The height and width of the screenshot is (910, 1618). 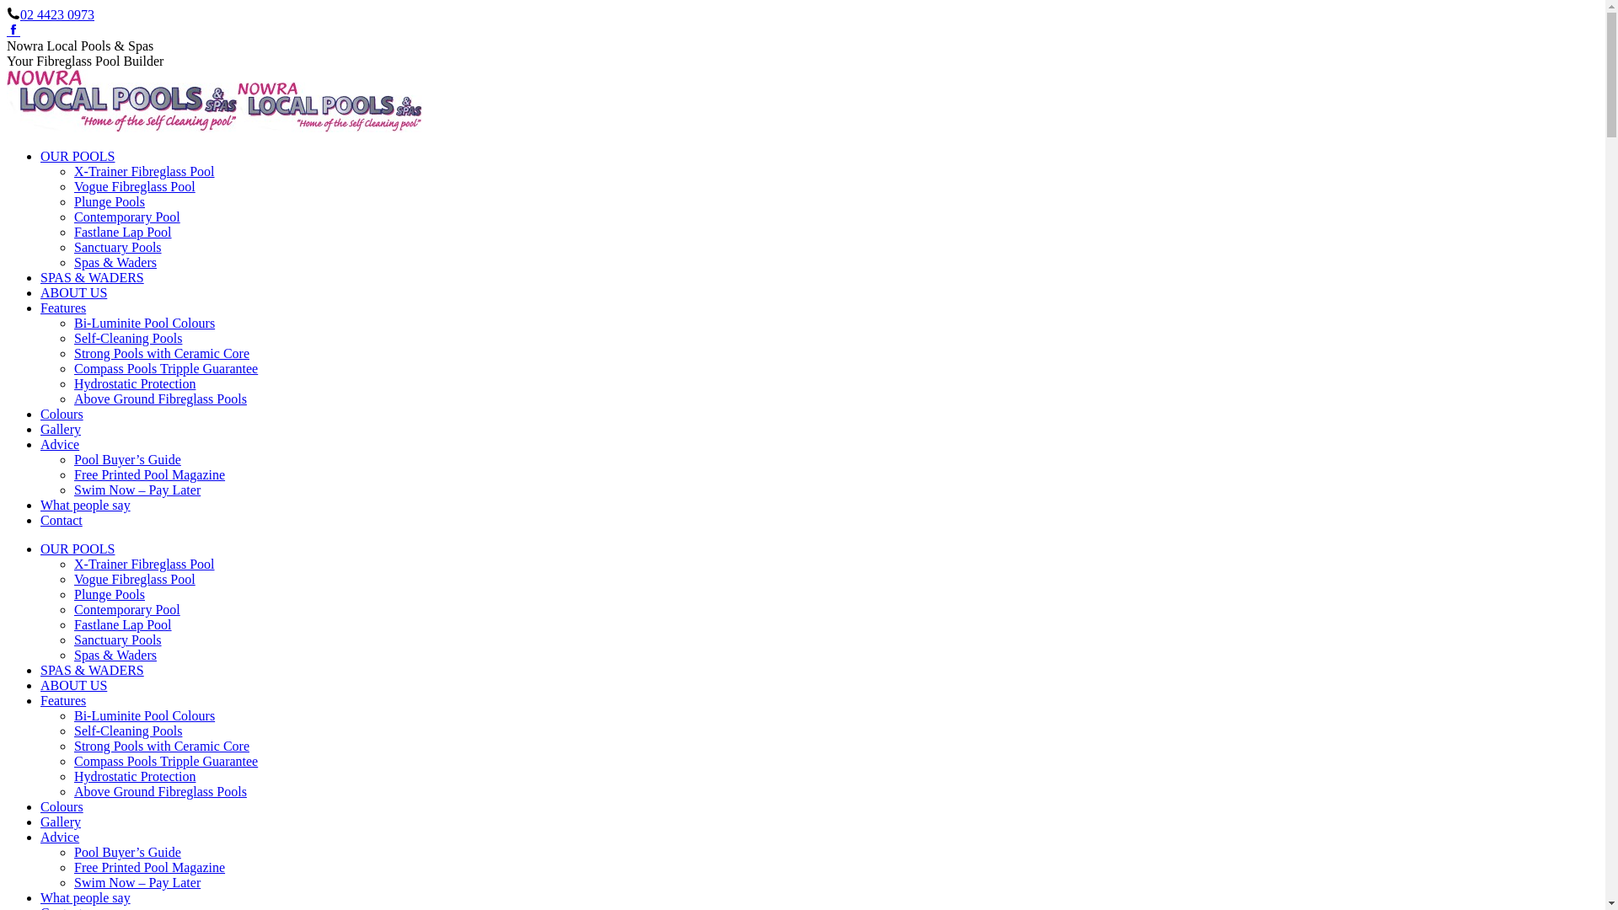 What do you see at coordinates (127, 730) in the screenshot?
I see `'Self-Cleaning Pools'` at bounding box center [127, 730].